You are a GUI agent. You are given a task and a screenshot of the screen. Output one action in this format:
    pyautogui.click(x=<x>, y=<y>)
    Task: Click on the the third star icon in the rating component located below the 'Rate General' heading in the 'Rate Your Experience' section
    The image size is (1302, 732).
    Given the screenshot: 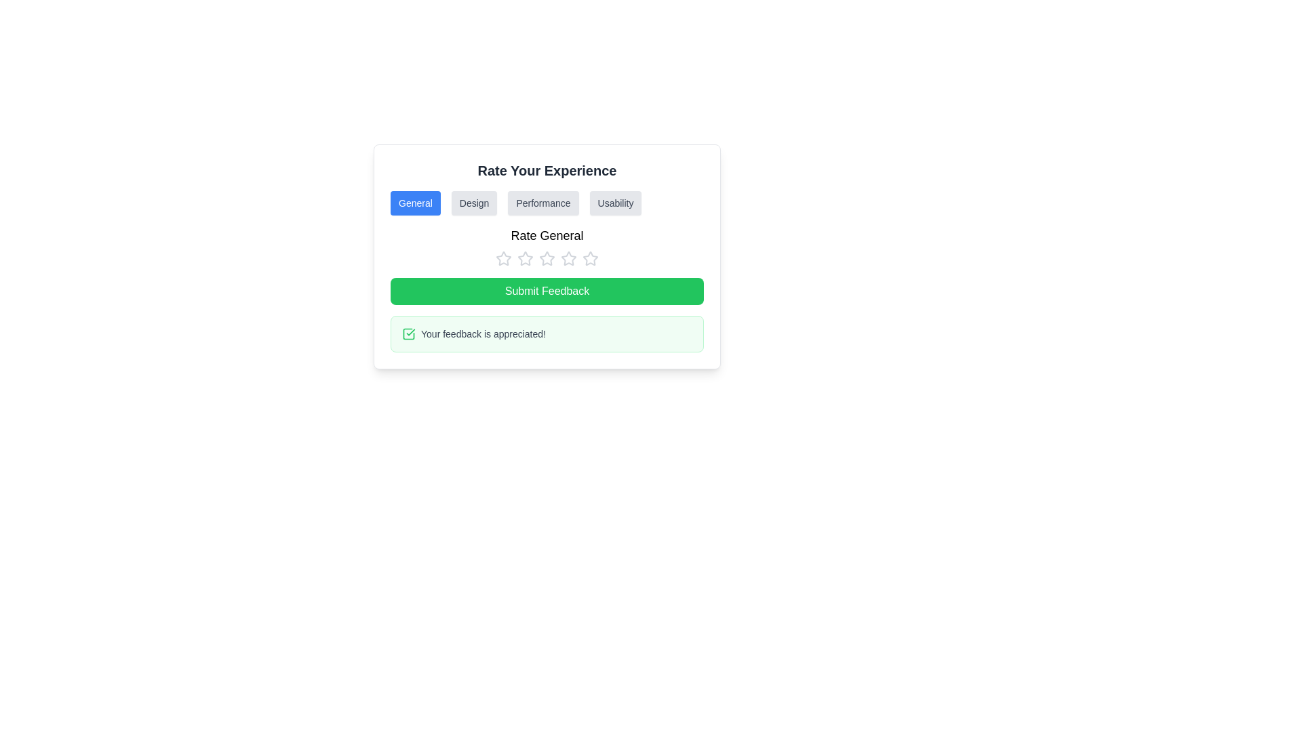 What is the action you would take?
    pyautogui.click(x=547, y=258)
    